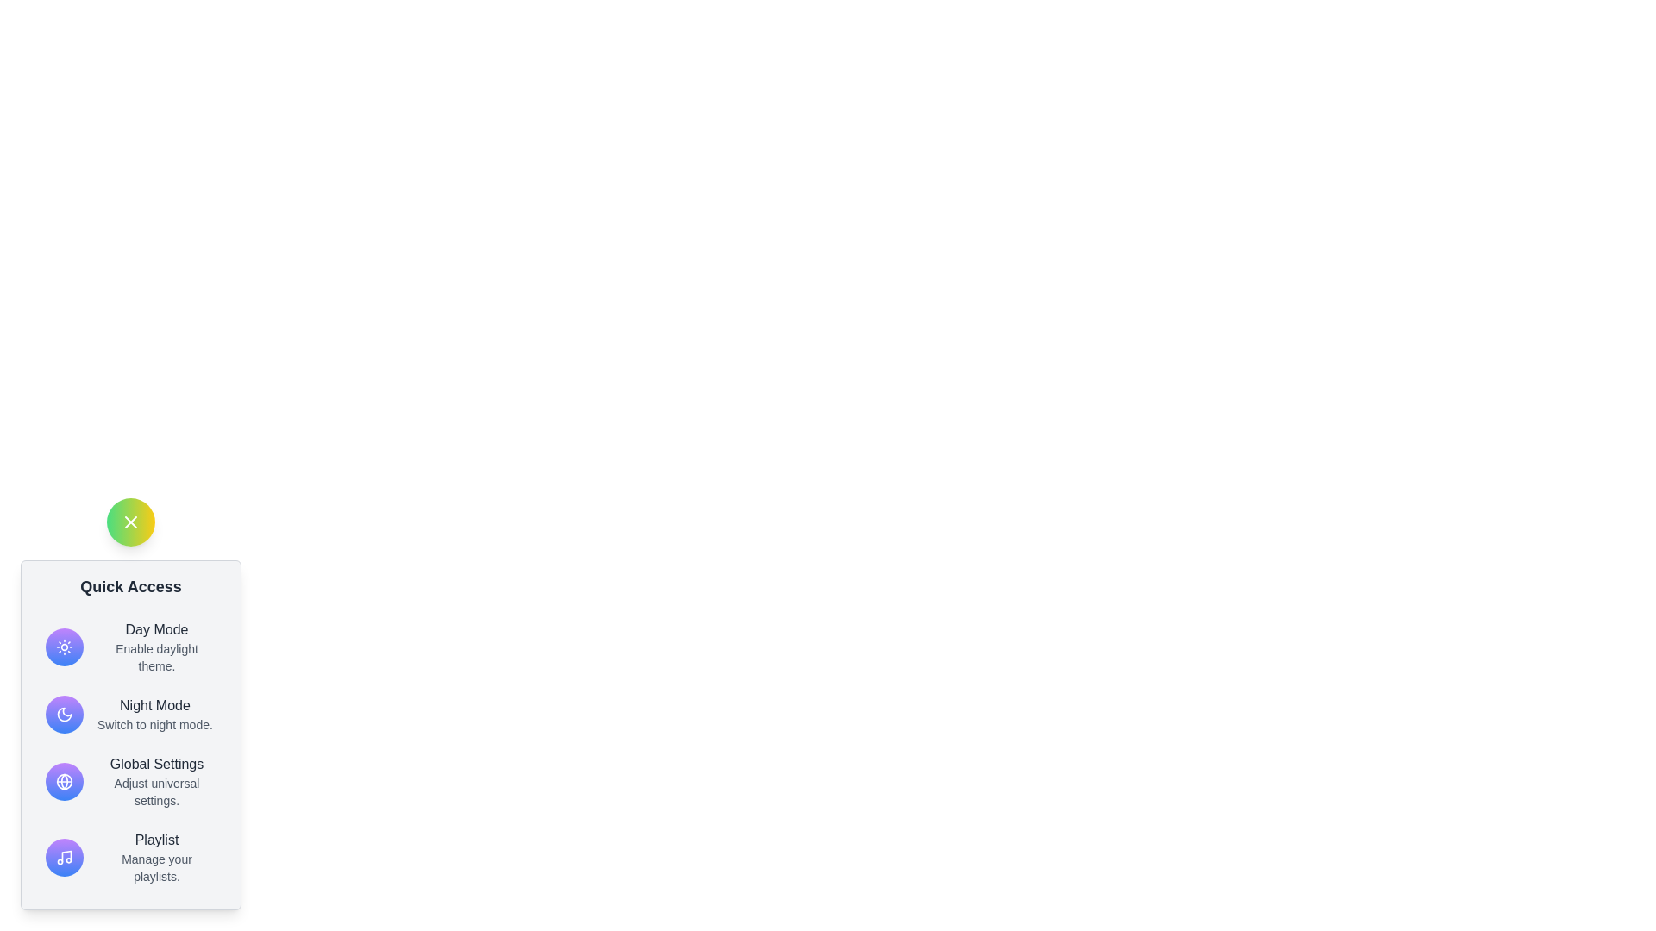 This screenshot has width=1656, height=931. What do you see at coordinates (130, 586) in the screenshot?
I see `the 'Quick Access' header text` at bounding box center [130, 586].